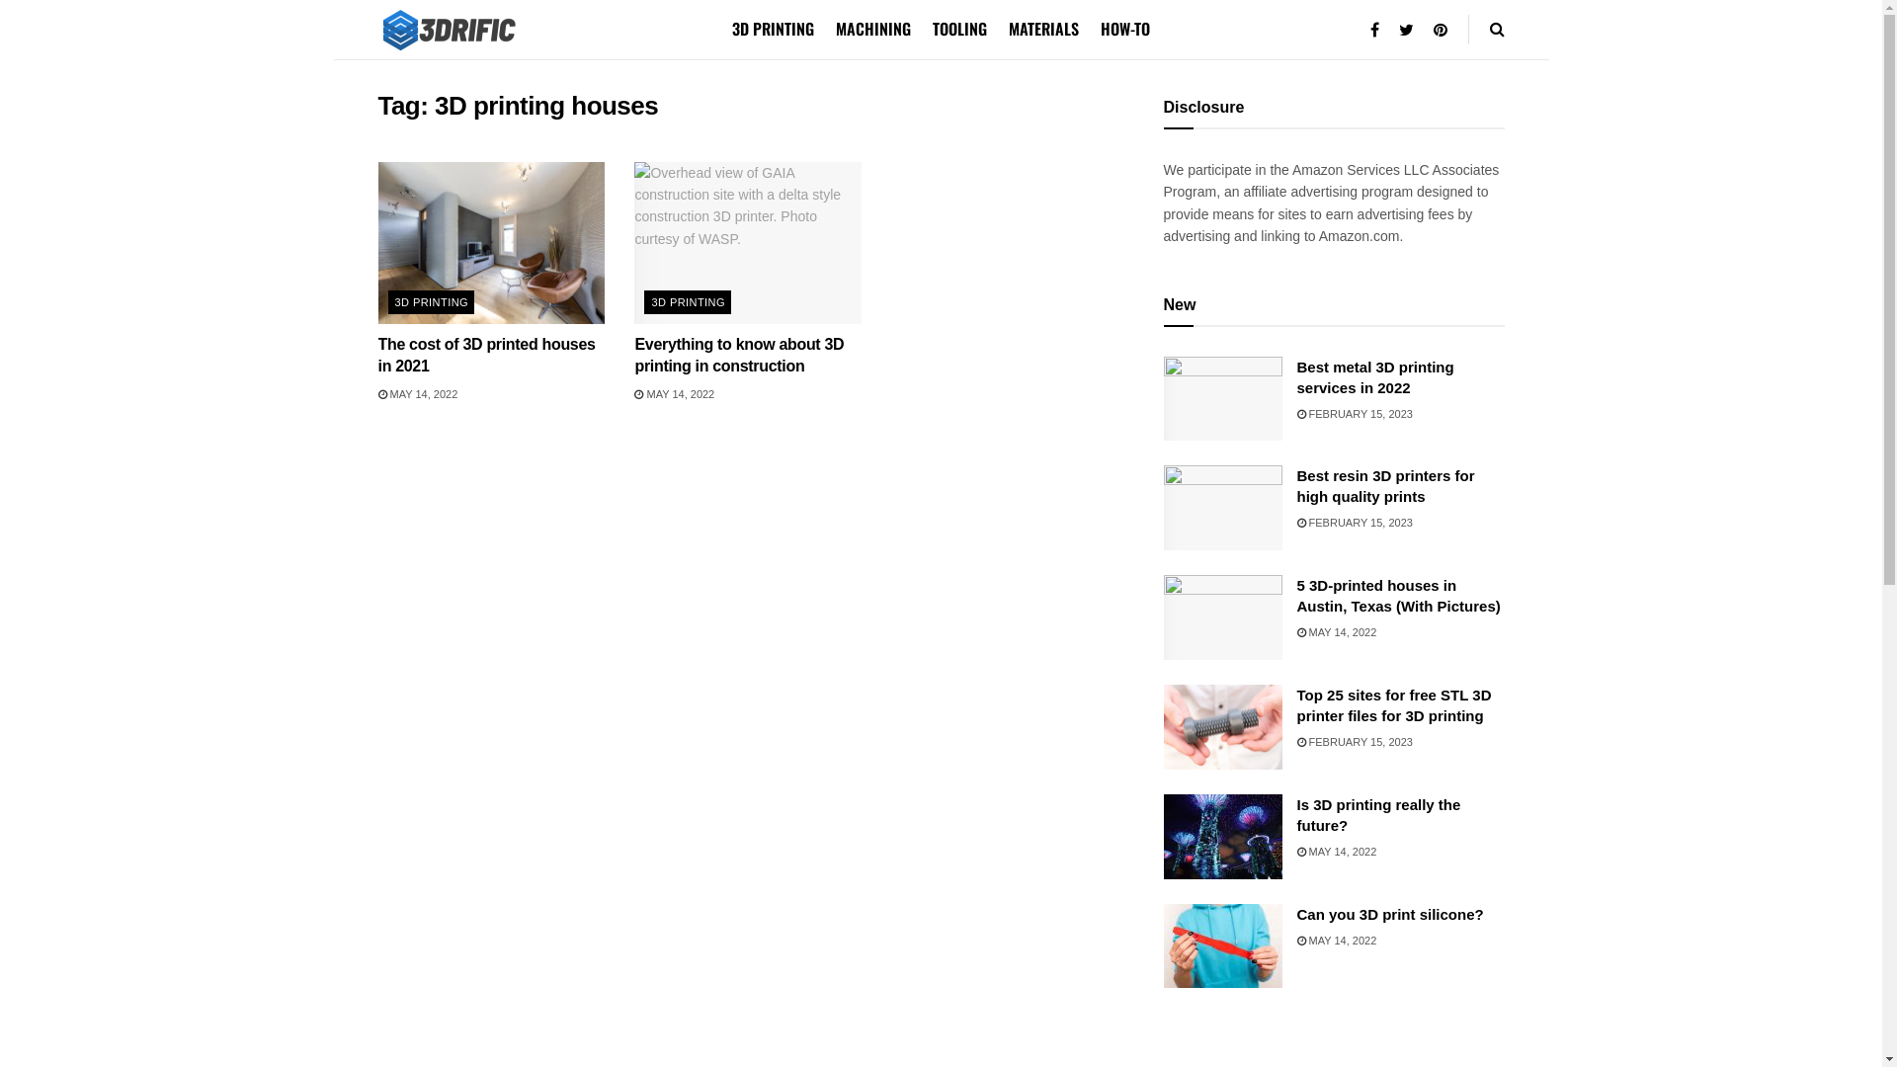  Describe the element at coordinates (1373, 376) in the screenshot. I see `'Best metal 3D printing services in 2022'` at that location.